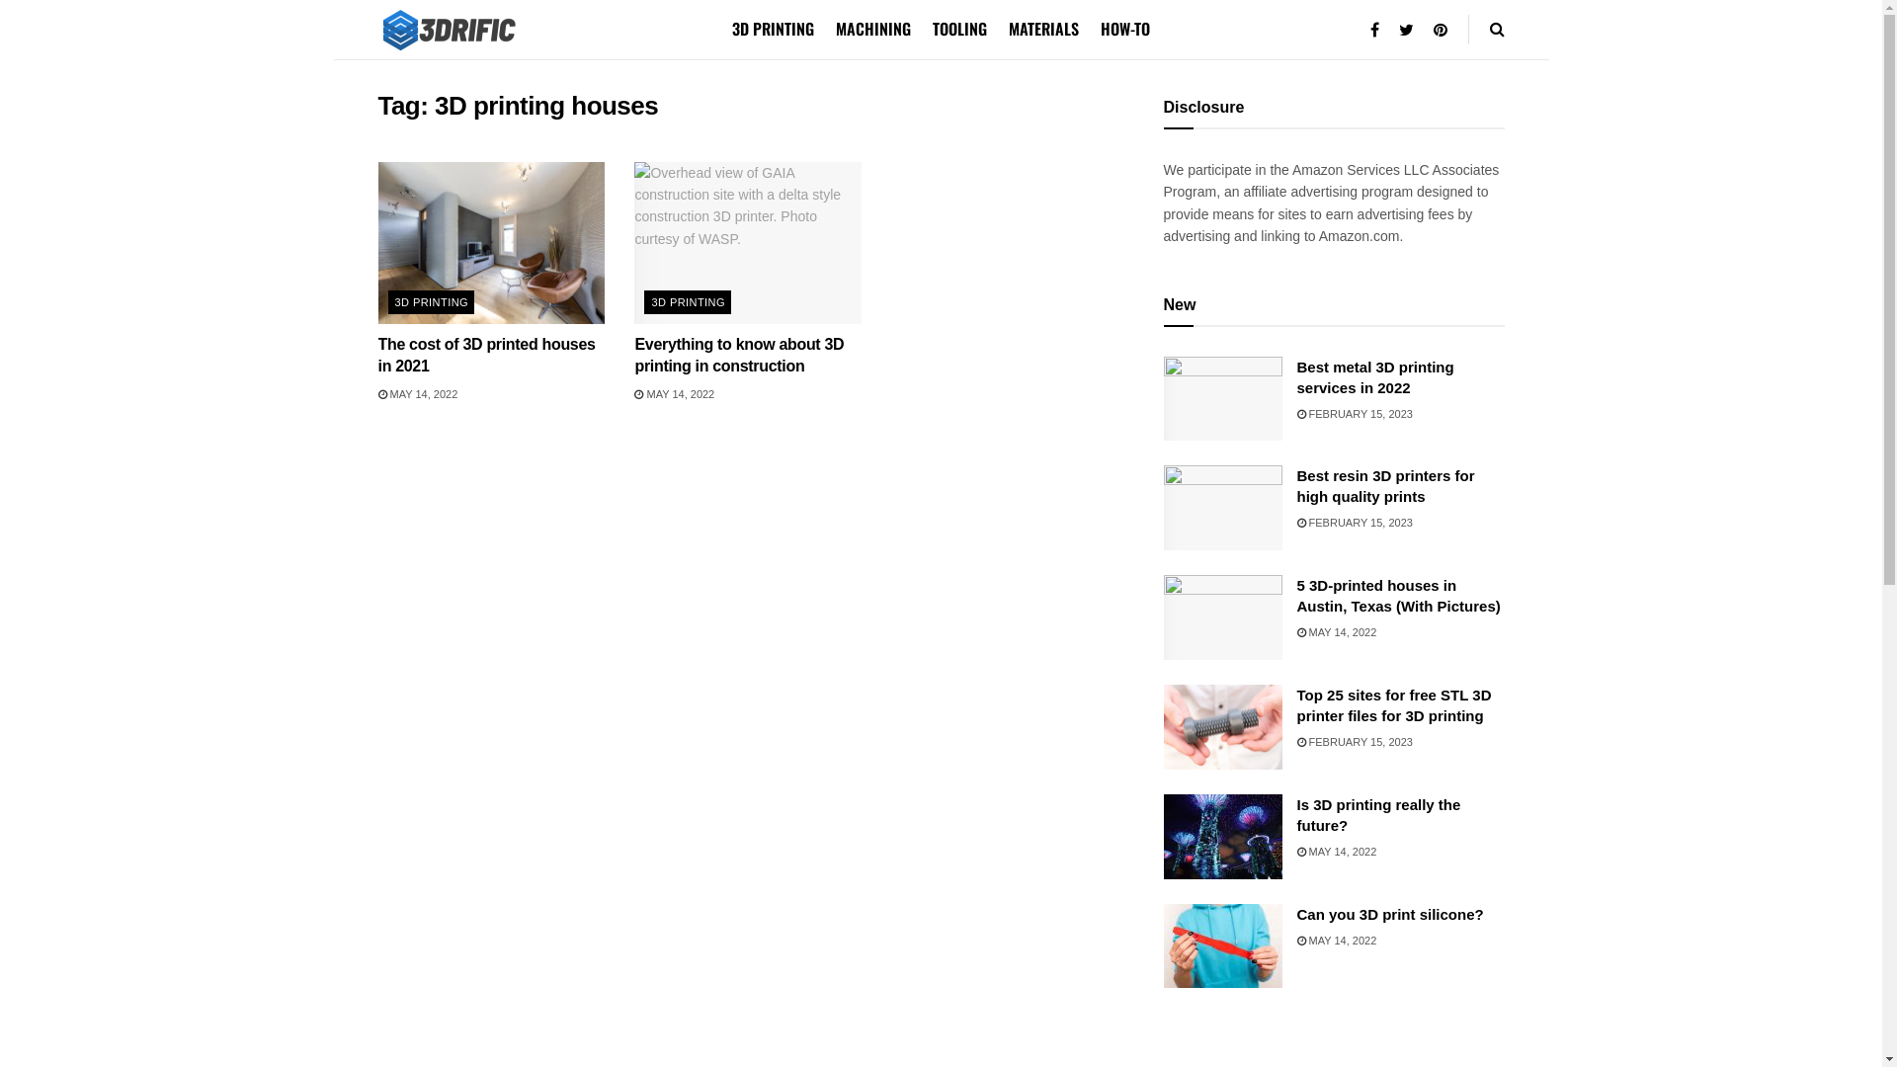  Describe the element at coordinates (1373, 376) in the screenshot. I see `'Best metal 3D printing services in 2022'` at that location.